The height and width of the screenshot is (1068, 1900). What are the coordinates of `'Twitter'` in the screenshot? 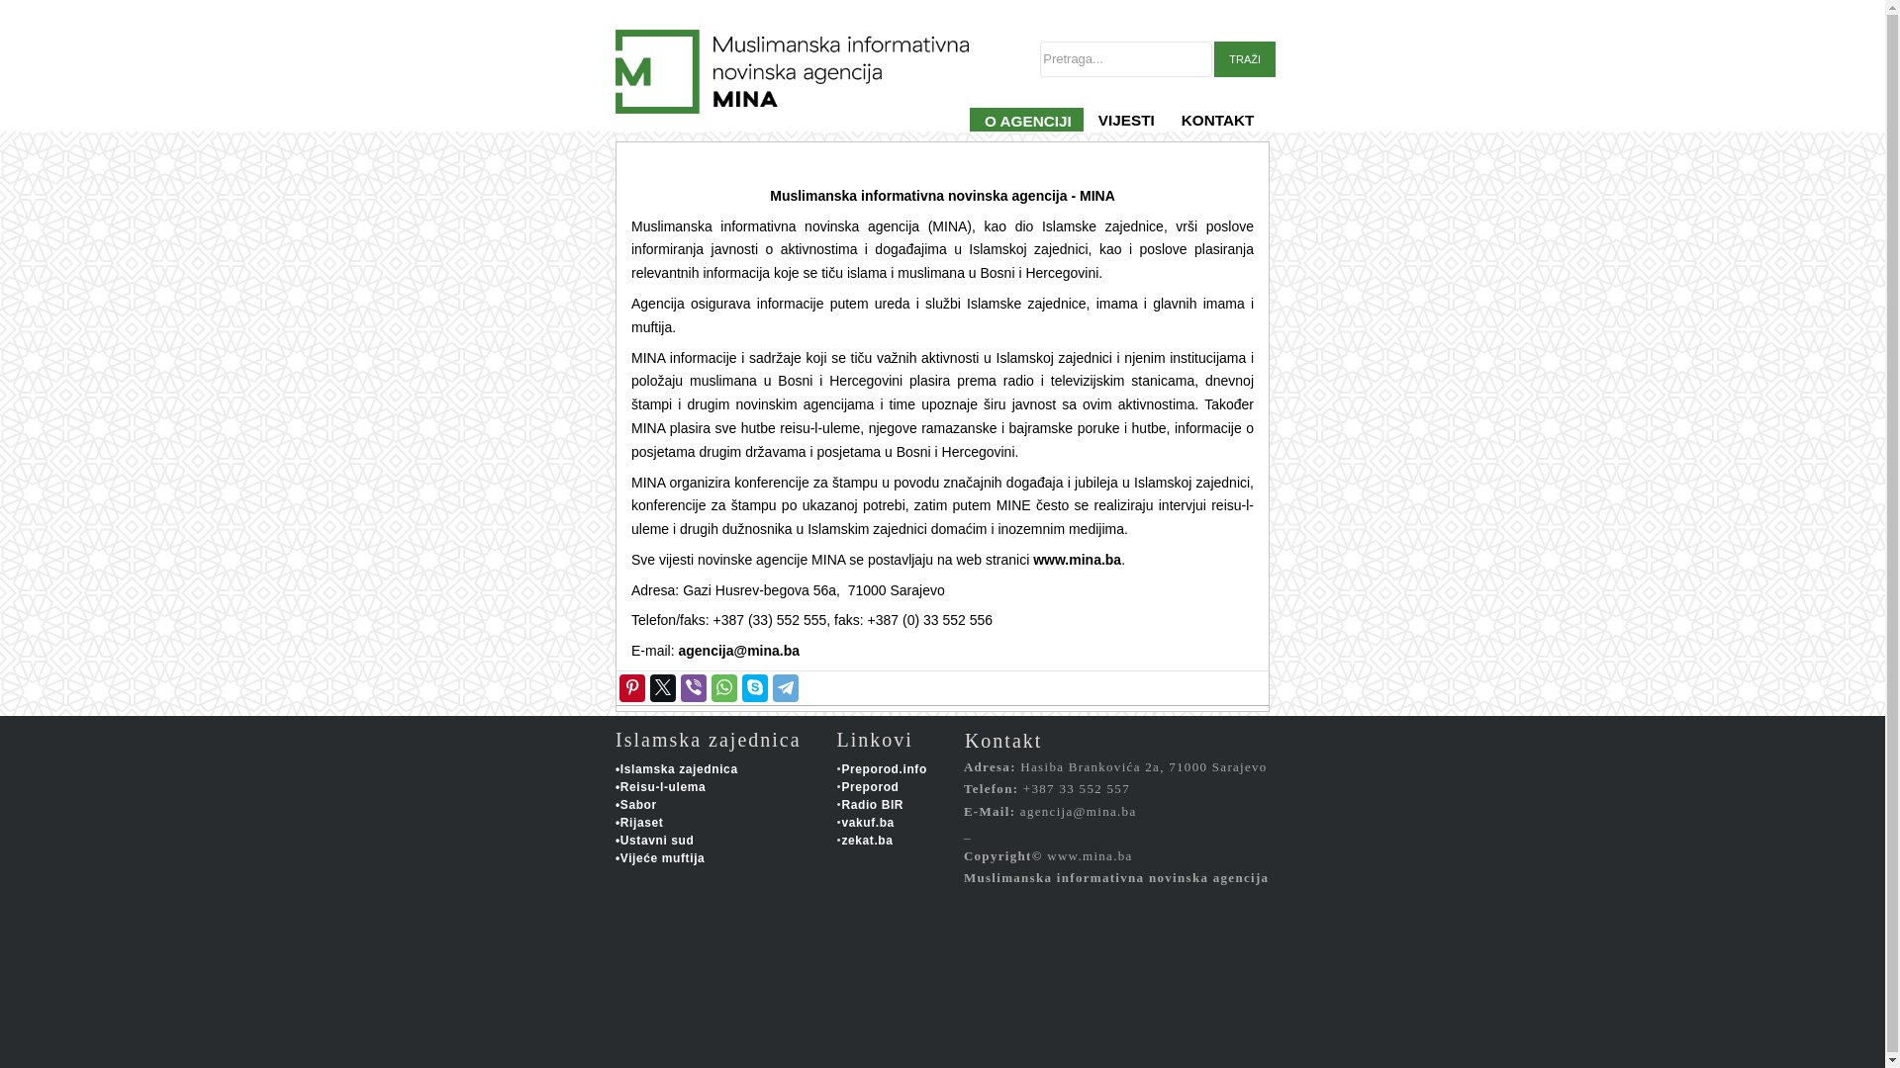 It's located at (662, 686).